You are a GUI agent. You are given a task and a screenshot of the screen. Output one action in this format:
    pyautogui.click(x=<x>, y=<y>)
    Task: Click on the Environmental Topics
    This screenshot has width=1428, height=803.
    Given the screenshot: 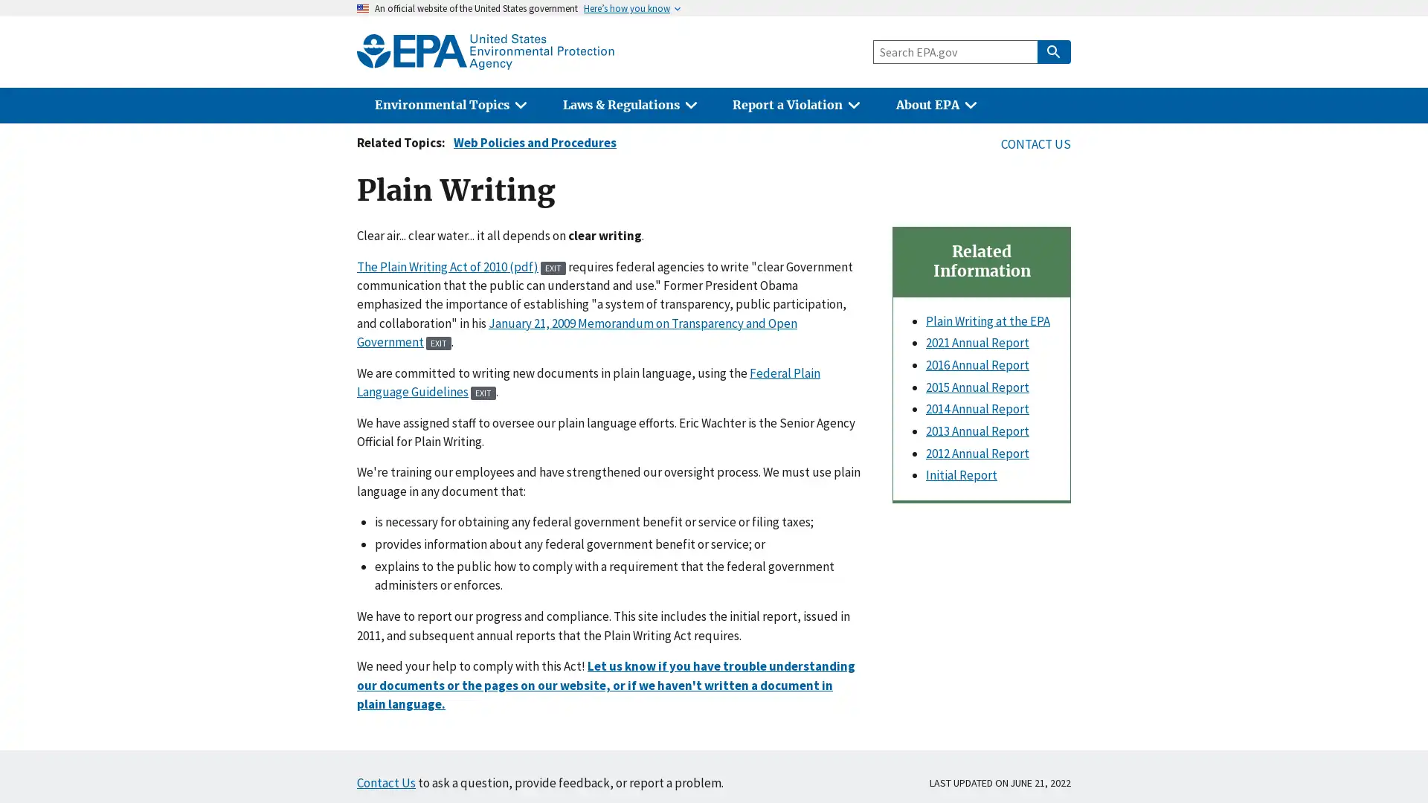 What is the action you would take?
    pyautogui.click(x=449, y=105)
    